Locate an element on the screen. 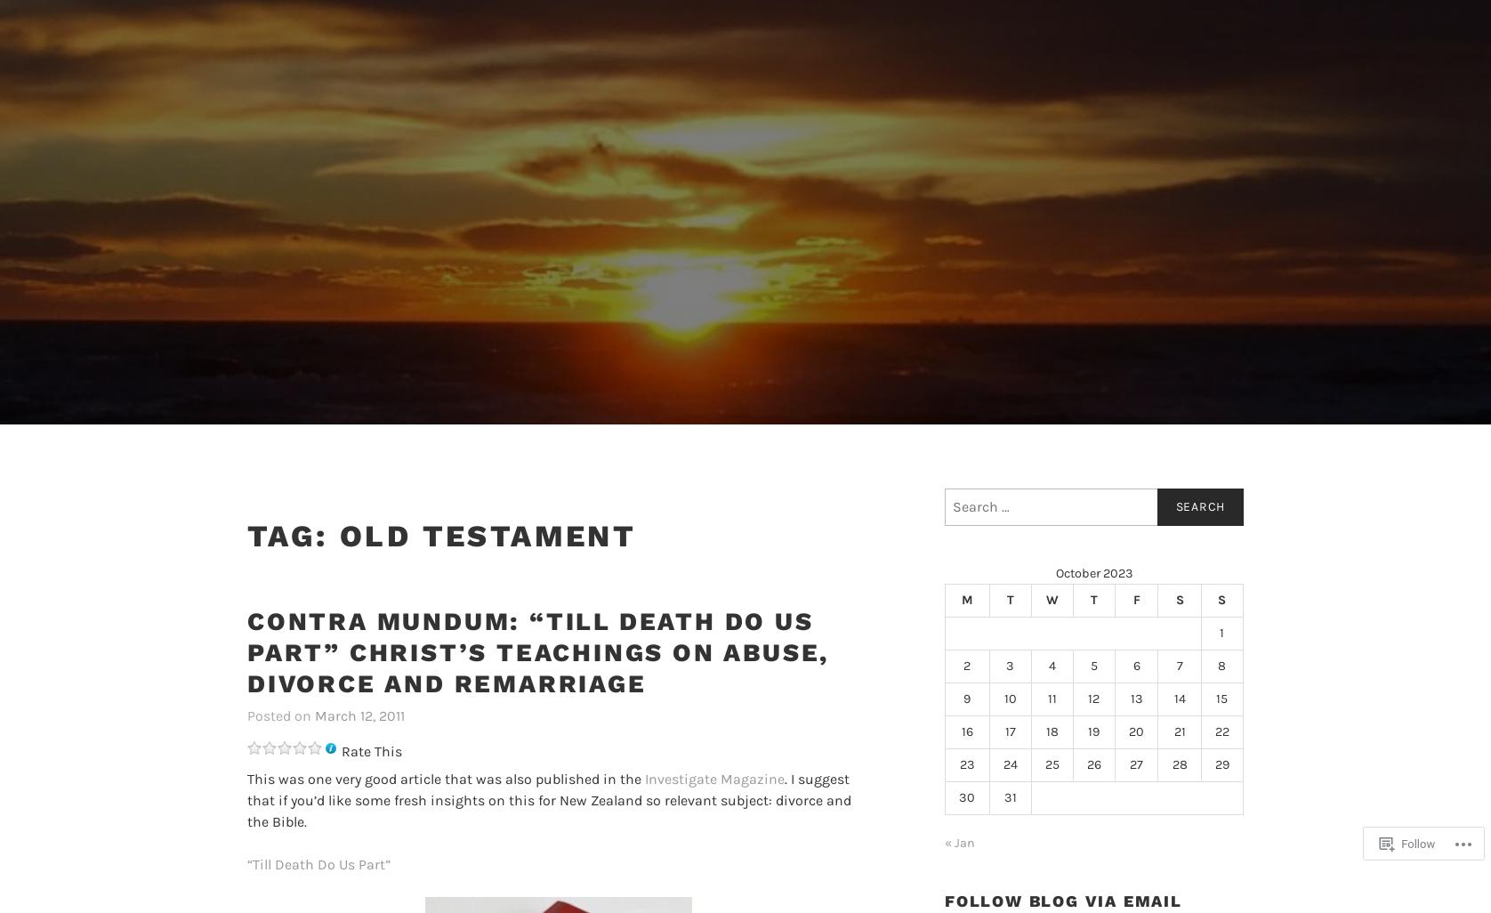 The width and height of the screenshot is (1491, 913). '24' is located at coordinates (1008, 764).